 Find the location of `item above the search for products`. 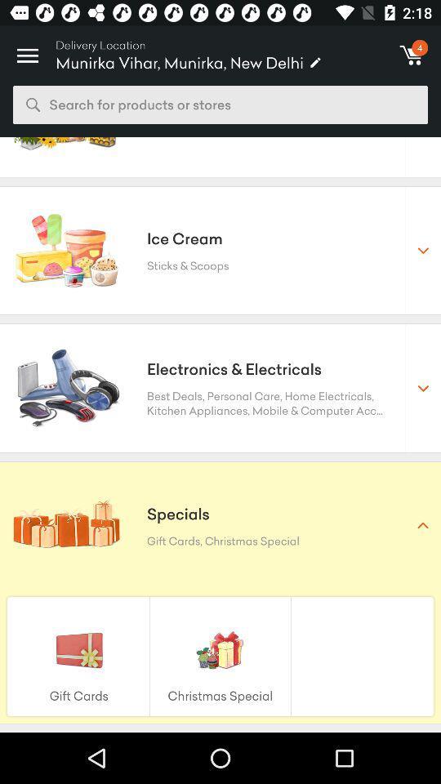

item above the search for products is located at coordinates (27, 51).